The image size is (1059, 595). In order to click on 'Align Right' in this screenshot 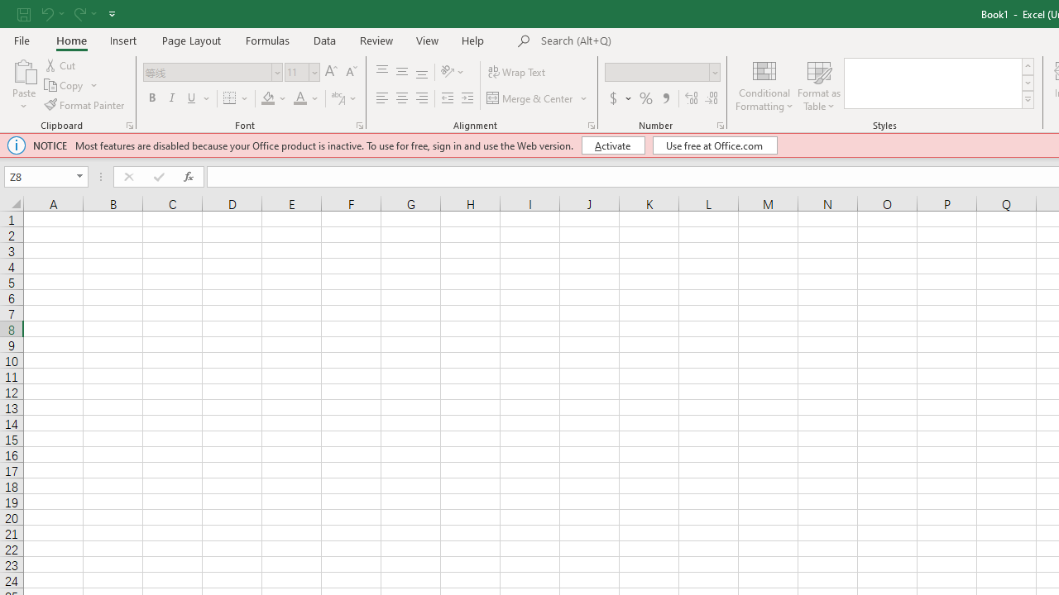, I will do `click(422, 98)`.